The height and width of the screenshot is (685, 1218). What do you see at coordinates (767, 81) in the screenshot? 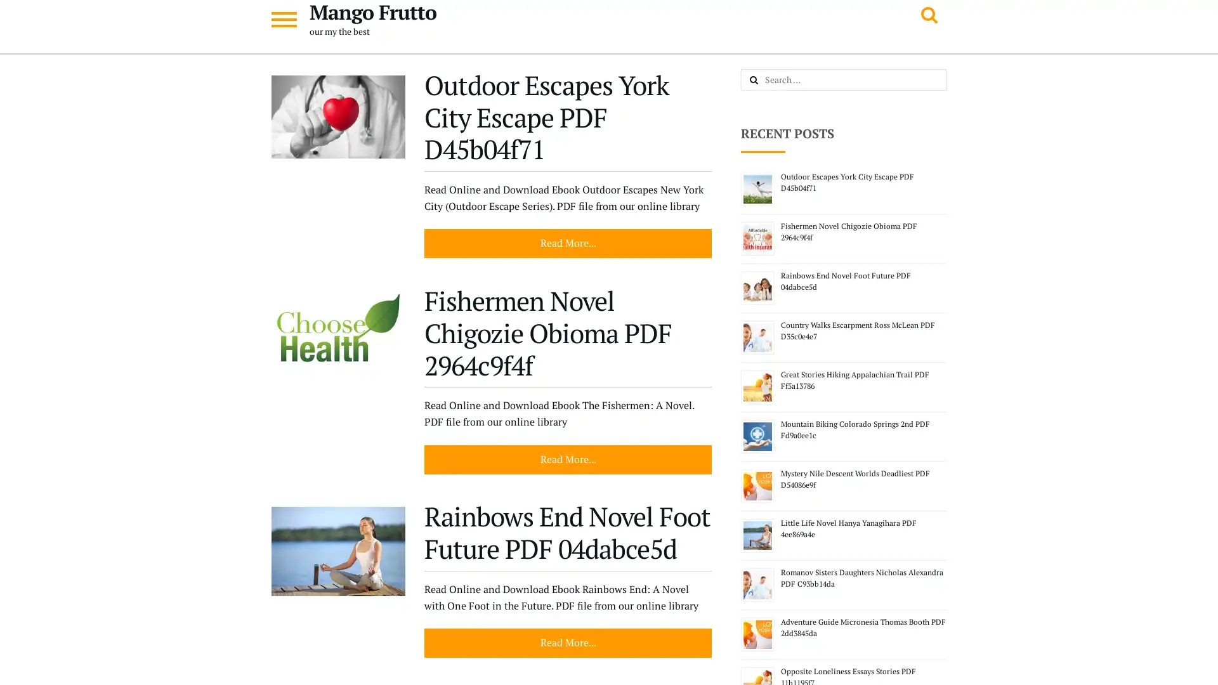
I see `Search` at bounding box center [767, 81].